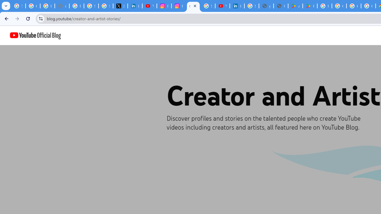  Describe the element at coordinates (310, 6) in the screenshot. I see `'PAW Patrol Rescue World - Apps on Google Play'` at that location.